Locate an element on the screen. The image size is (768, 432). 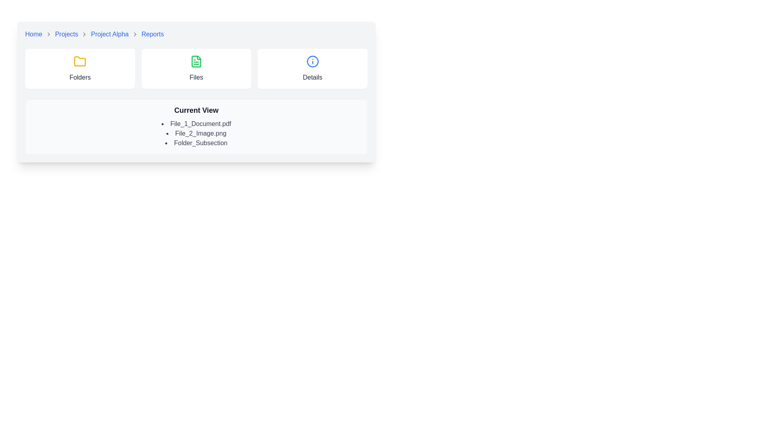
the Details card, which is the third card from the left in a row of elements labeled 'Folders,' 'Files,' and 'Details.' This card features a blue information icon at the top and a label reading 'Details' in darker gray font is located at coordinates (312, 68).